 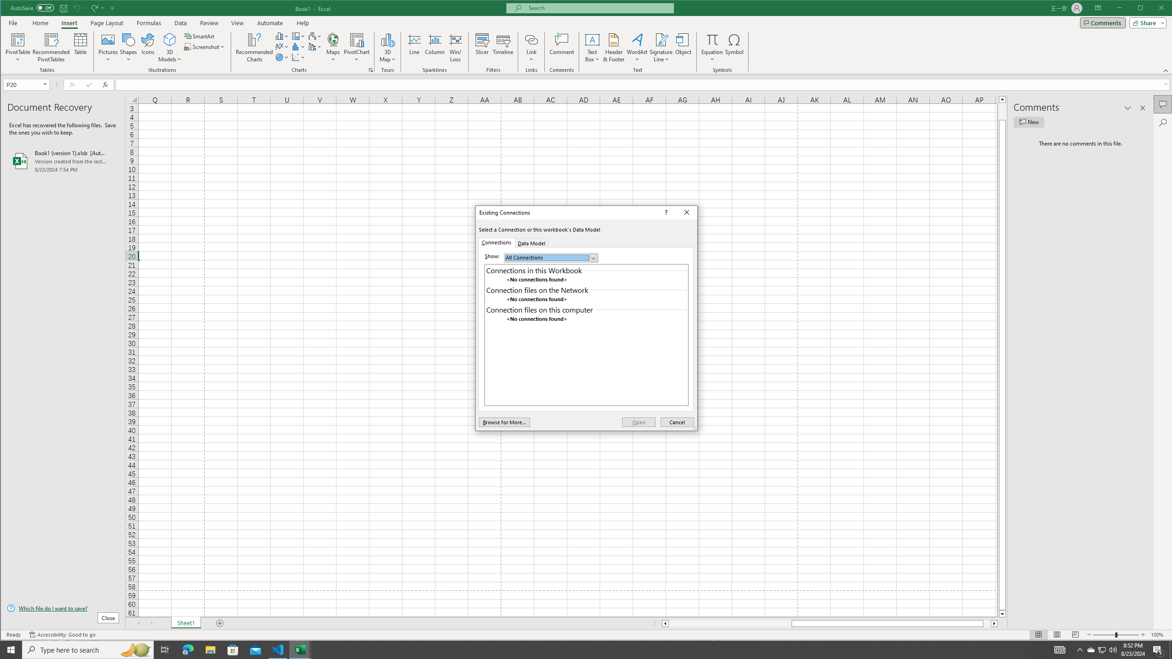 I want to click on 'Line', so click(x=414, y=47).